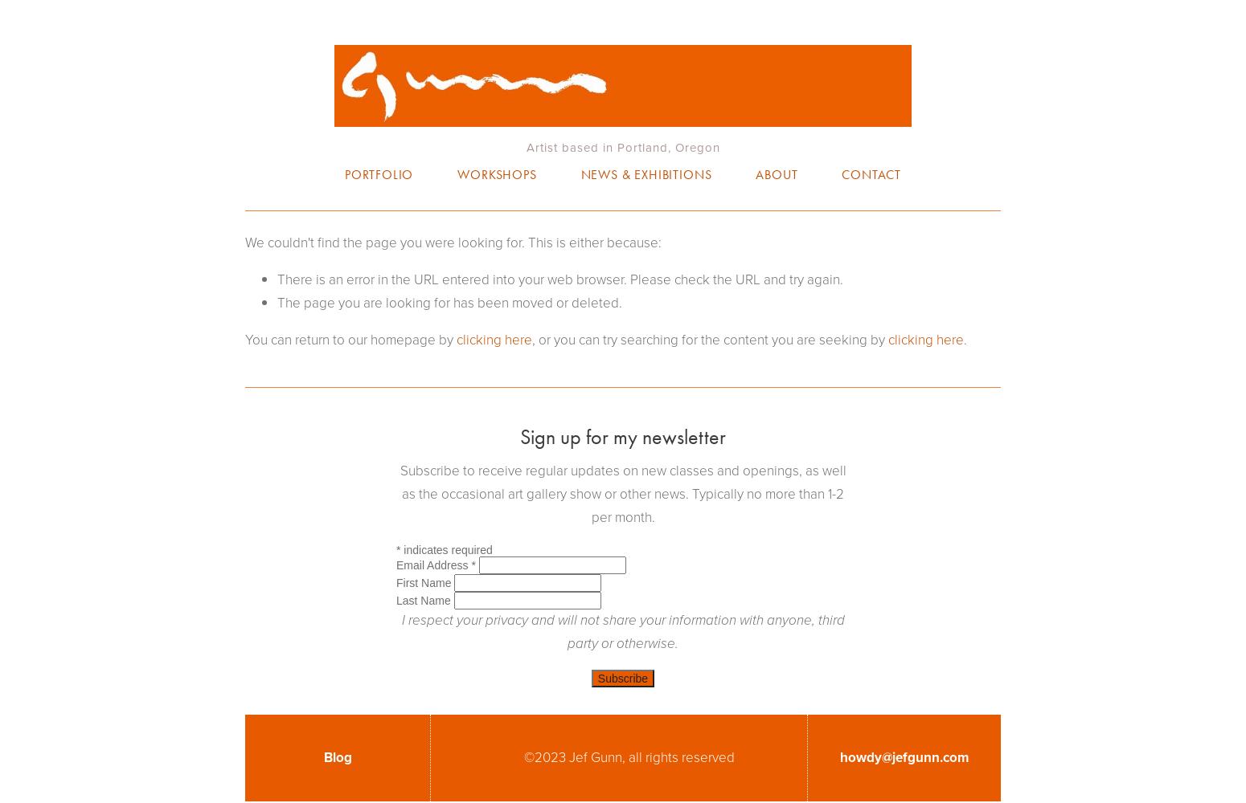 Image resolution: width=1246 pixels, height=803 pixels. I want to click on 'indicates required', so click(446, 549).